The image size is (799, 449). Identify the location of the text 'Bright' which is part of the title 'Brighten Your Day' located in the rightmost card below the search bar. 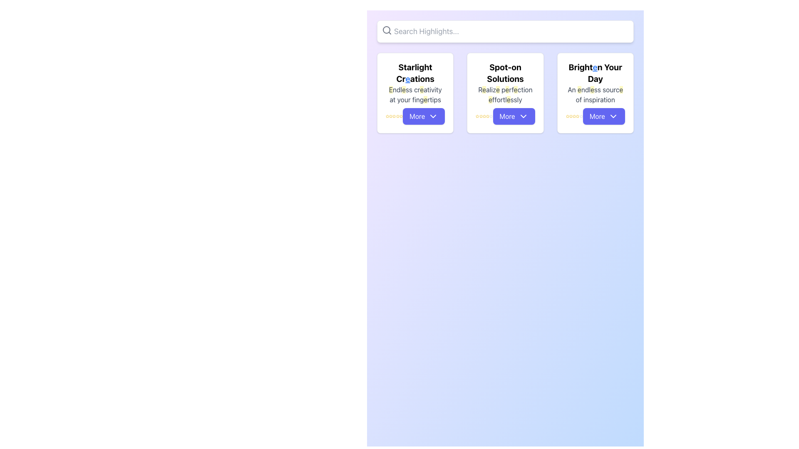
(580, 67).